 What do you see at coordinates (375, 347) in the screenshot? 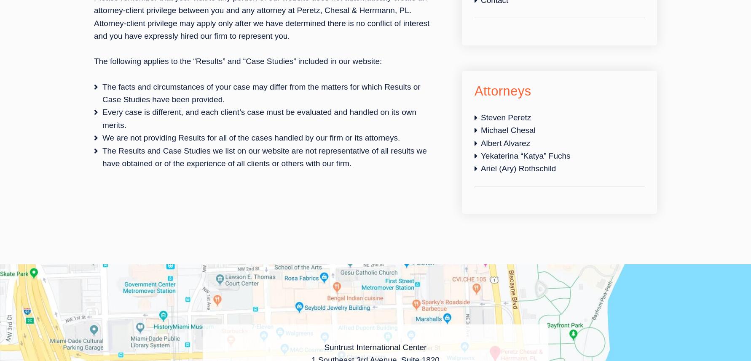
I see `'Suntrust International Center'` at bounding box center [375, 347].